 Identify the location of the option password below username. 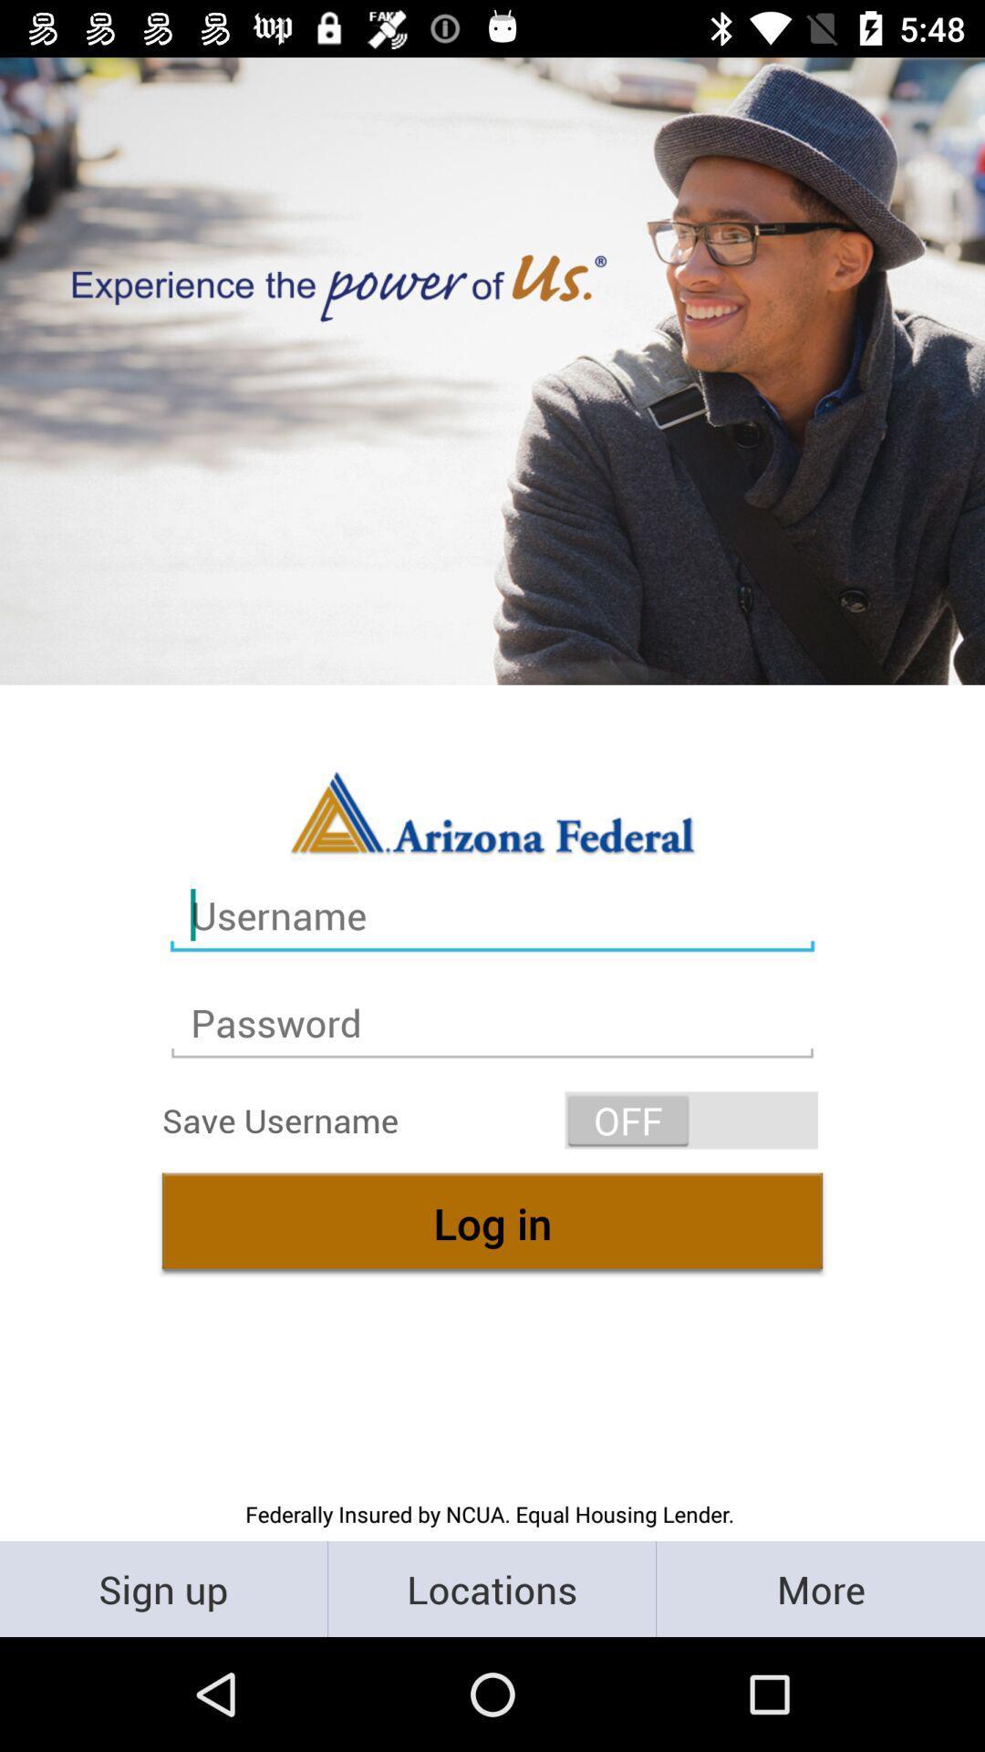
(493, 1023).